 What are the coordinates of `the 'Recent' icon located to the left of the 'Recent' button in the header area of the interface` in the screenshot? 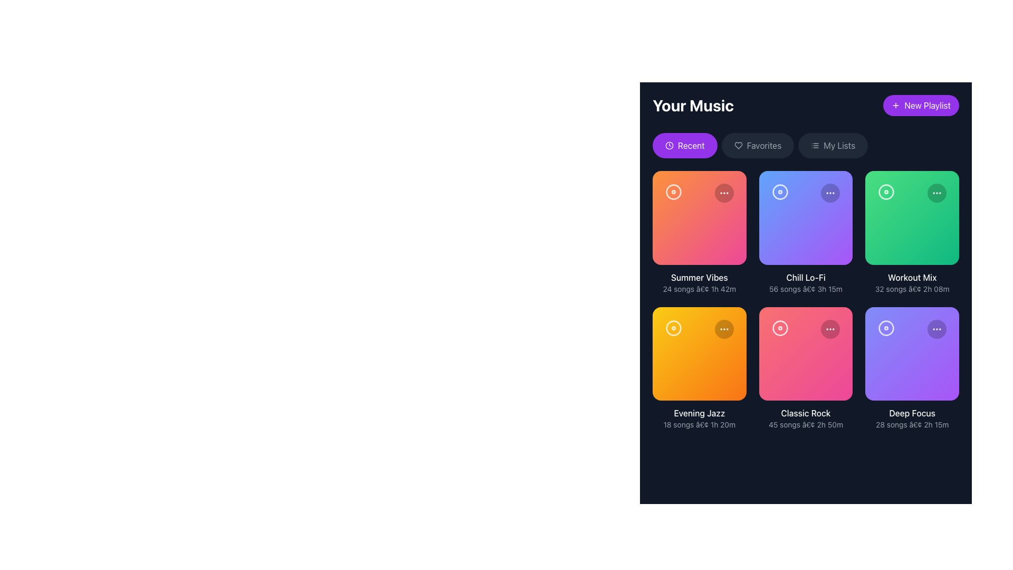 It's located at (668, 146).